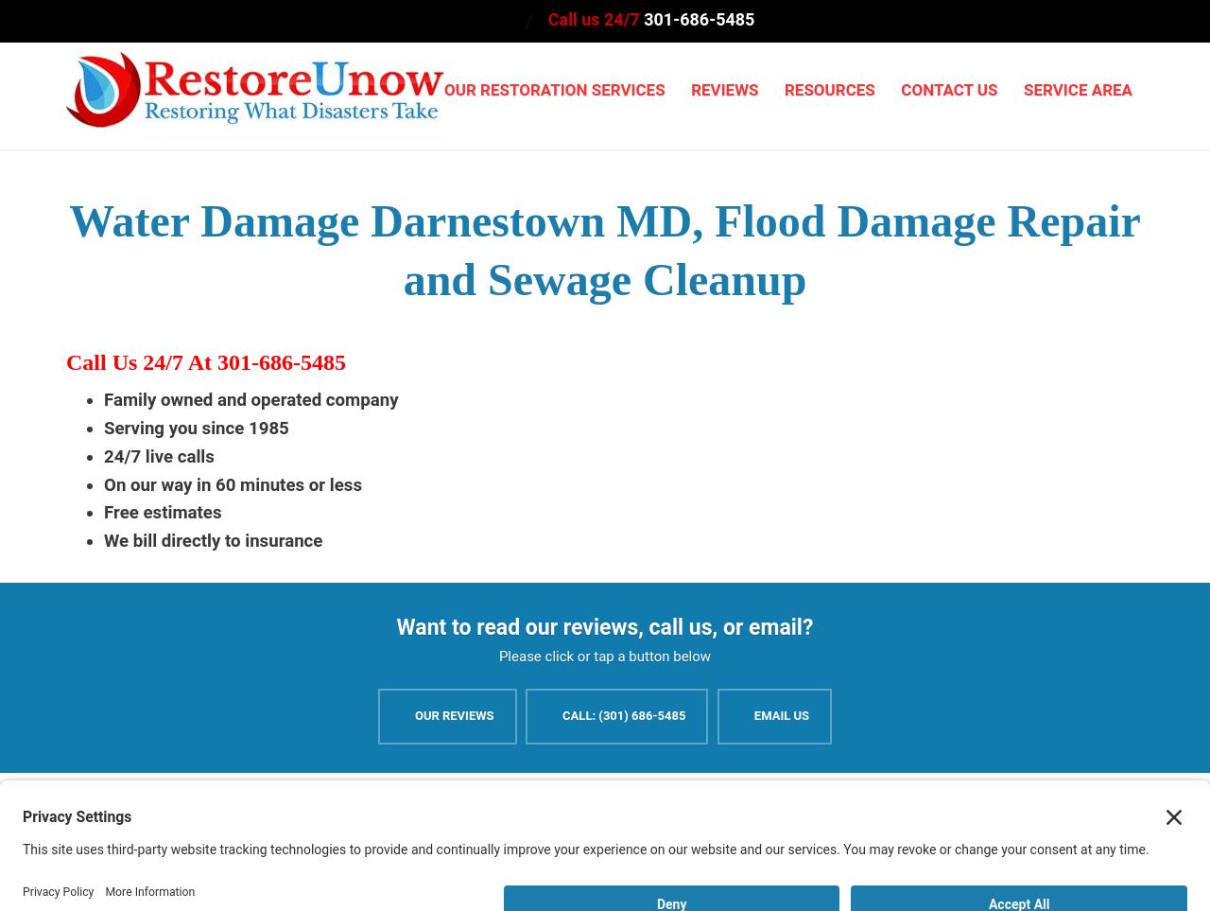 Image resolution: width=1210 pixels, height=911 pixels. I want to click on 'Air Duct Mold Restoration', so click(800, 622).